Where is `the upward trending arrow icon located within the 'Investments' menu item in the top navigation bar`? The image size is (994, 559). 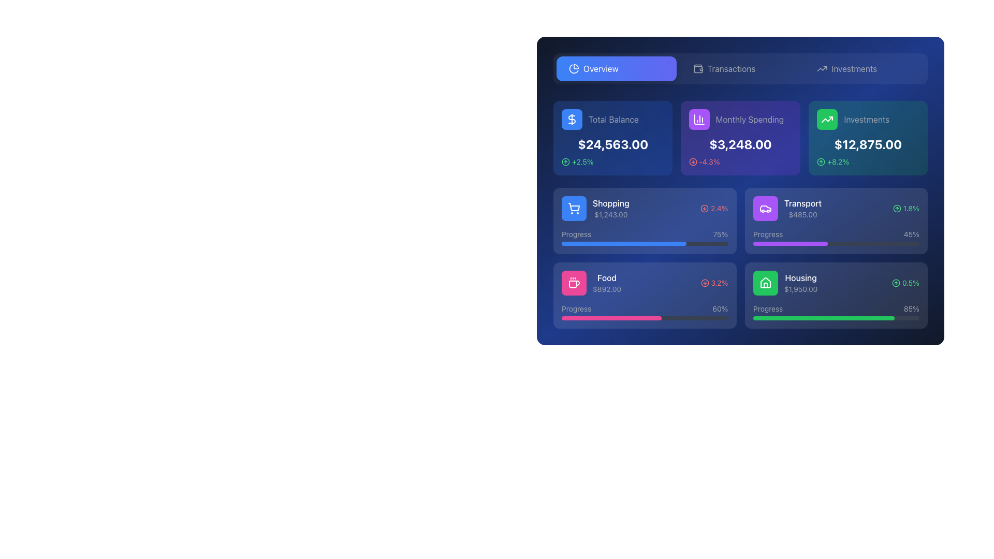
the upward trending arrow icon located within the 'Investments' menu item in the top navigation bar is located at coordinates (822, 68).